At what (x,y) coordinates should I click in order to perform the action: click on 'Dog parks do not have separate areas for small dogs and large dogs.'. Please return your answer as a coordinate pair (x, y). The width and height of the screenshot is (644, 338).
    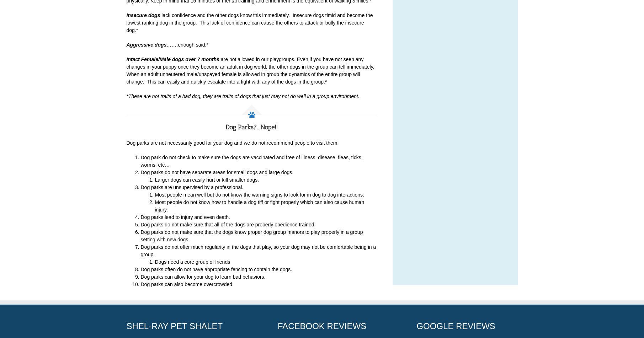
    Looking at the image, I should click on (217, 172).